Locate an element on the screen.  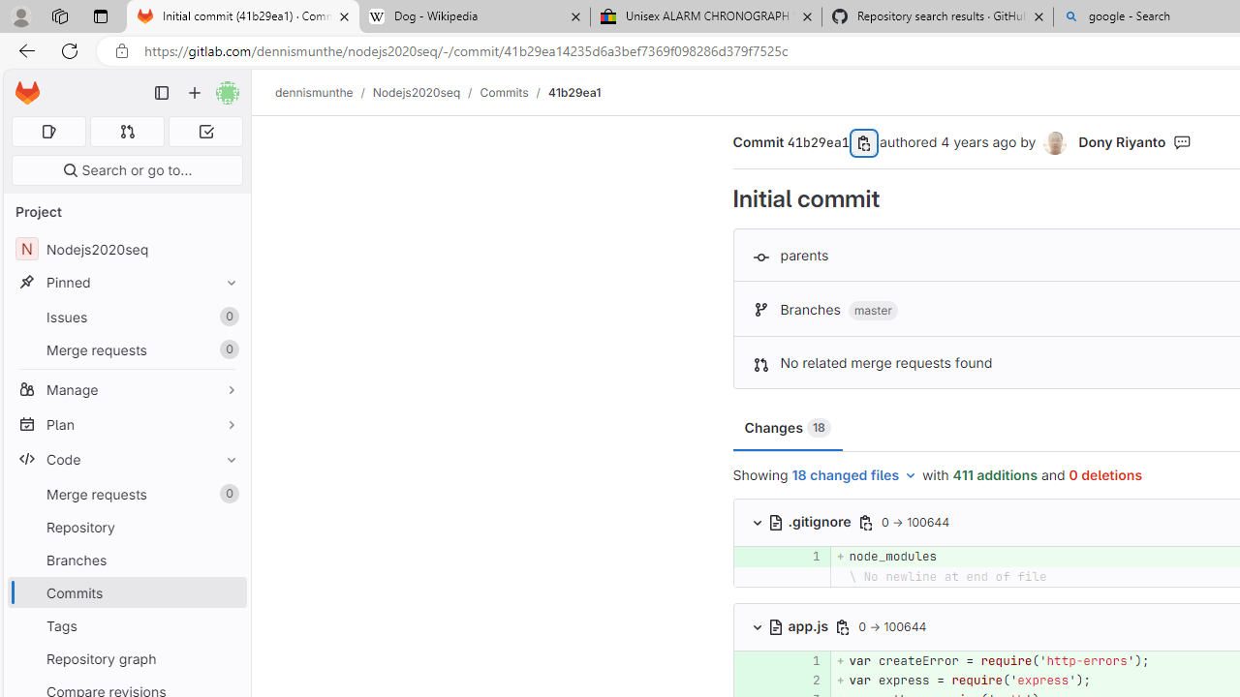
'Pinned' is located at coordinates (126, 282).